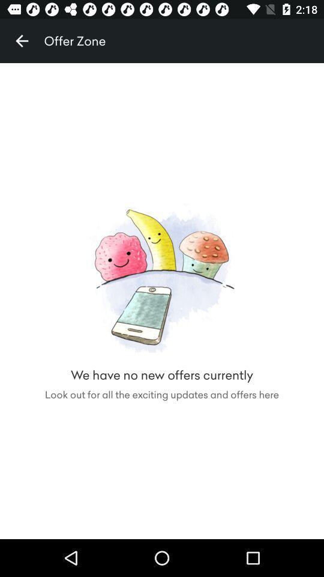 This screenshot has width=324, height=577. What do you see at coordinates (22, 41) in the screenshot?
I see `the icon above the look out for icon` at bounding box center [22, 41].